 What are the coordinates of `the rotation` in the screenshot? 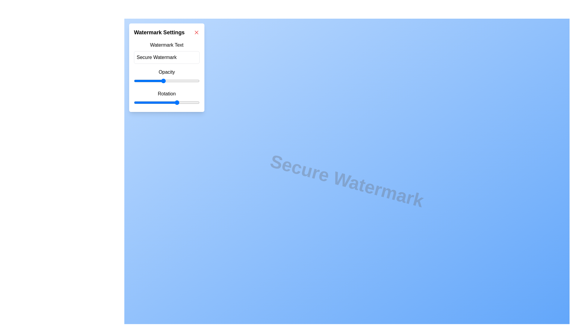 It's located at (199, 102).